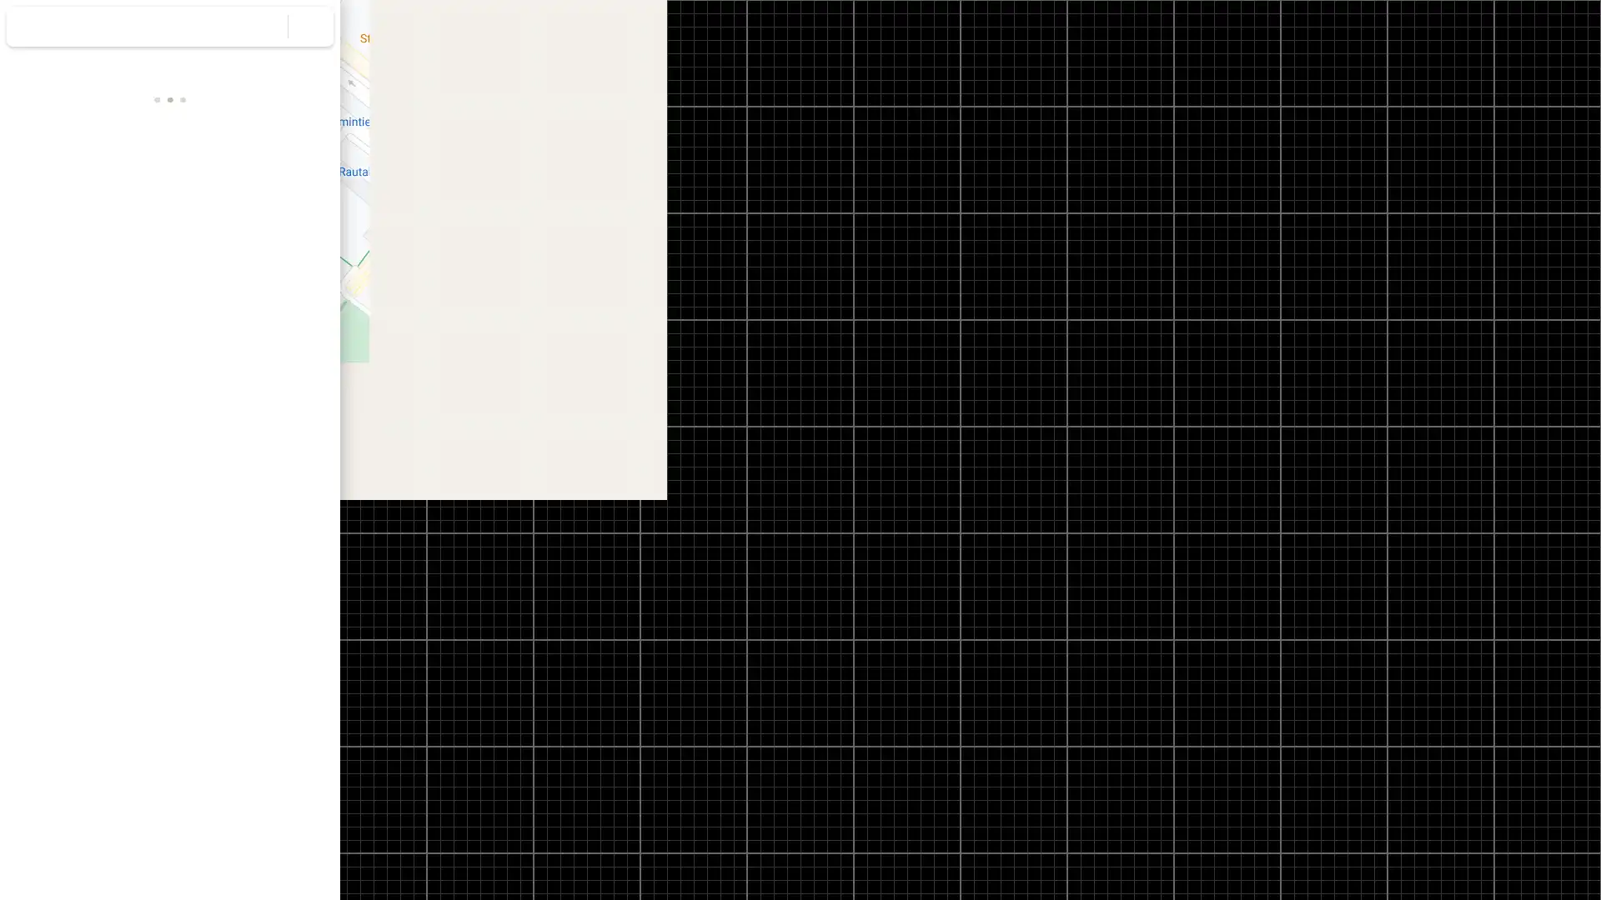 This screenshot has height=900, width=1601. What do you see at coordinates (291, 285) in the screenshot?
I see `Share Elimaenkatu 27` at bounding box center [291, 285].